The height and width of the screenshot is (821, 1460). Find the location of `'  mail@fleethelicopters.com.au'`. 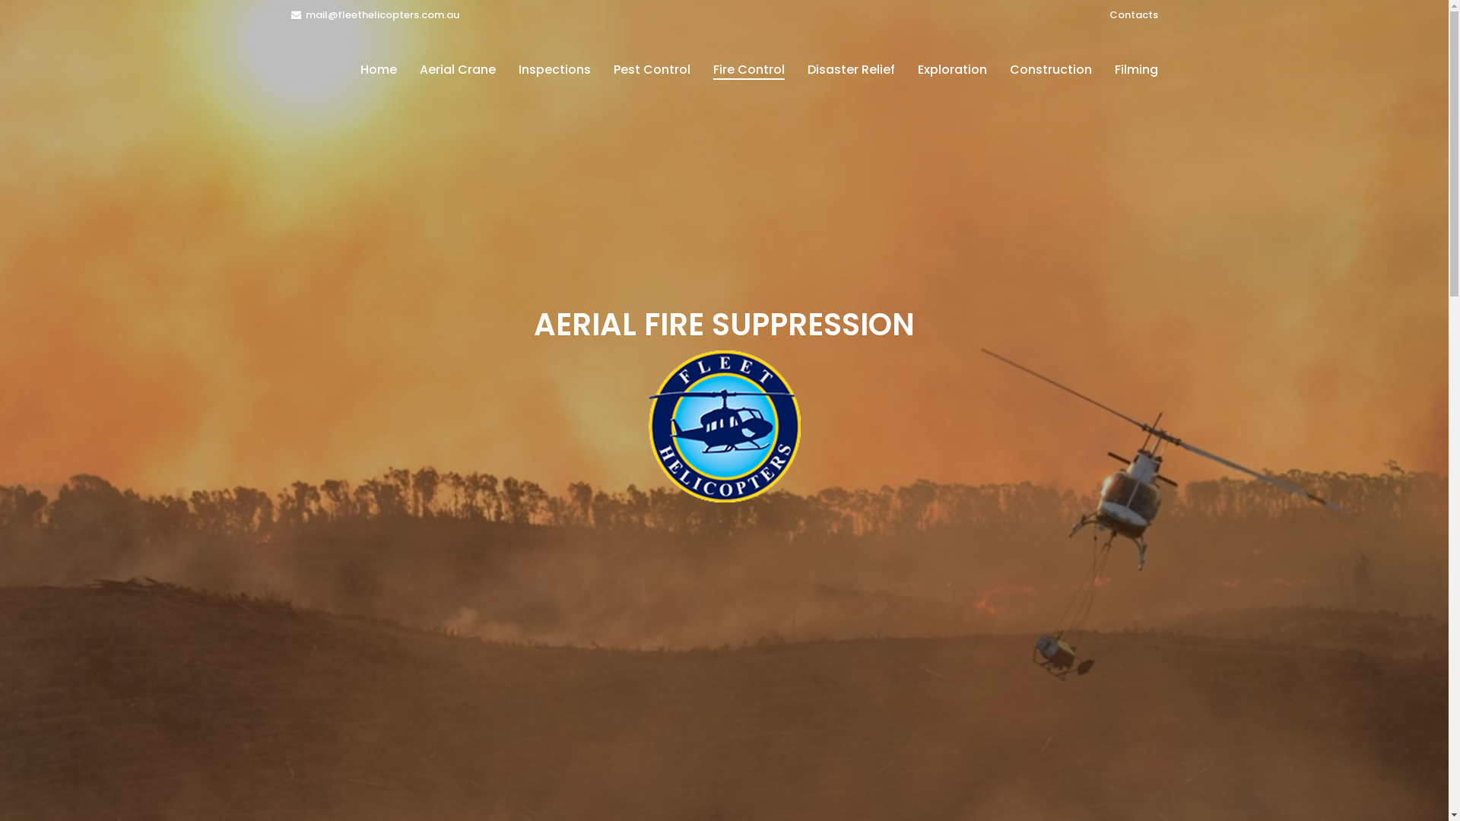

'  mail@fleethelicopters.com.au' is located at coordinates (374, 14).